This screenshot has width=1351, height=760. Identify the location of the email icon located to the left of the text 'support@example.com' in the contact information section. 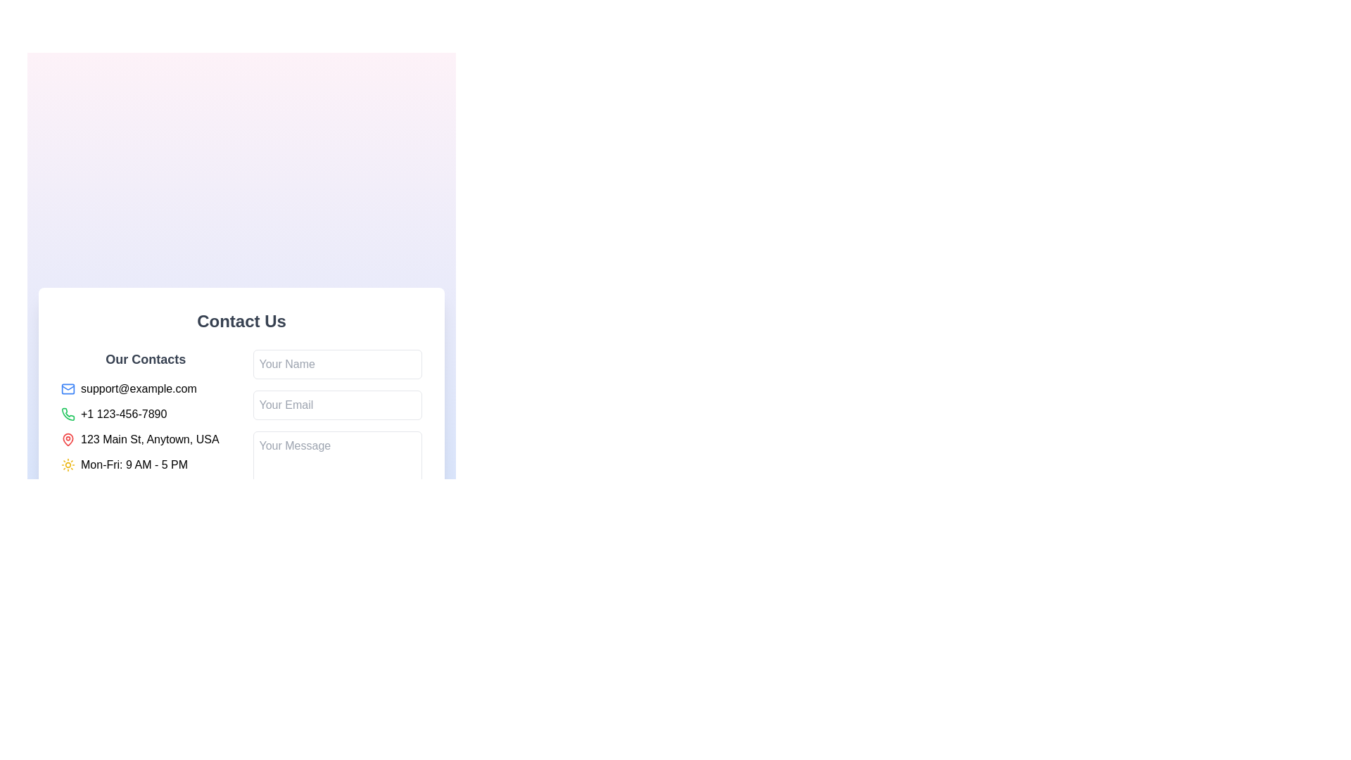
(67, 388).